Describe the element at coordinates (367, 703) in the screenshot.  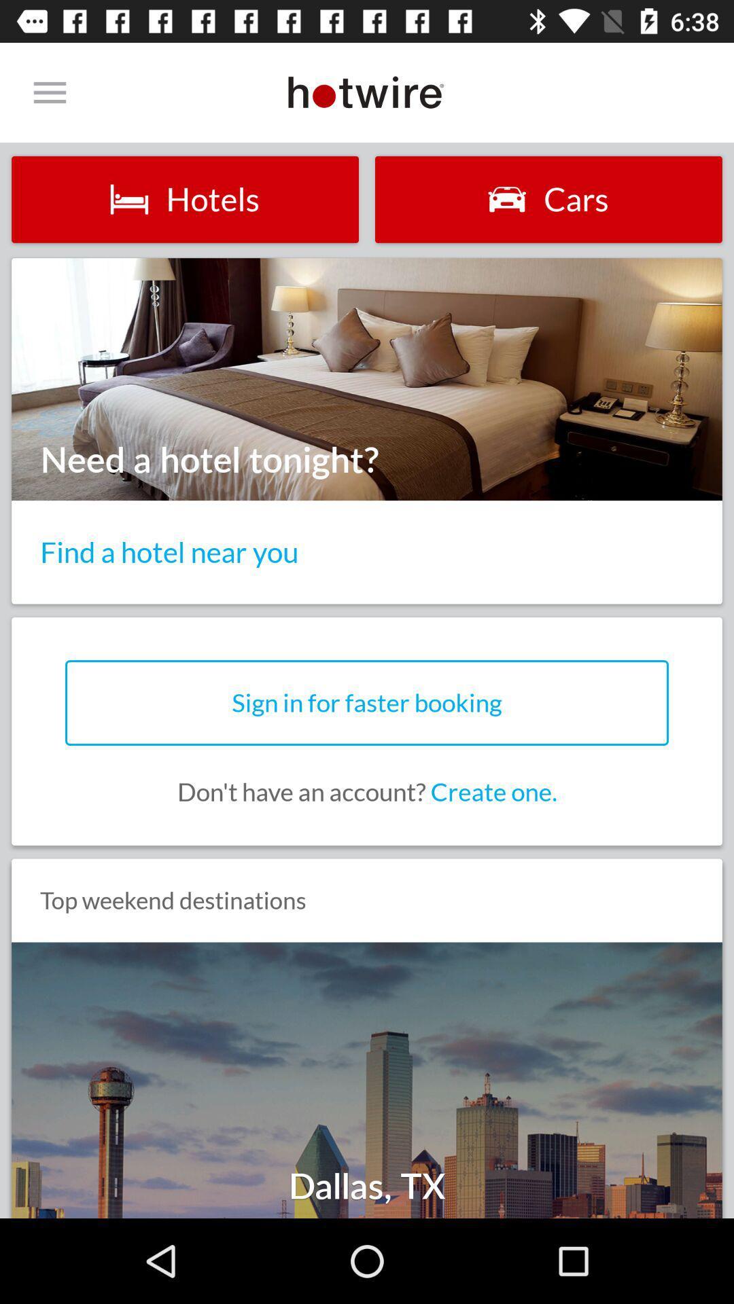
I see `the sign in for item` at that location.